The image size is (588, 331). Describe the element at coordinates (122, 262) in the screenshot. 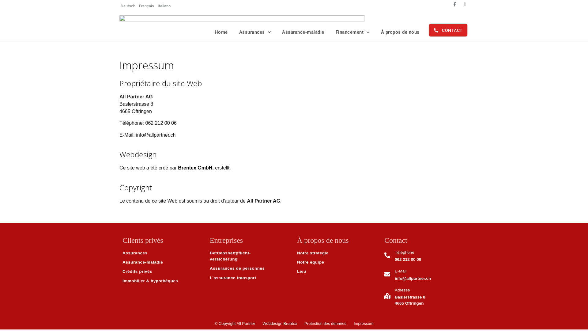

I see `'Assurance-maladie'` at that location.